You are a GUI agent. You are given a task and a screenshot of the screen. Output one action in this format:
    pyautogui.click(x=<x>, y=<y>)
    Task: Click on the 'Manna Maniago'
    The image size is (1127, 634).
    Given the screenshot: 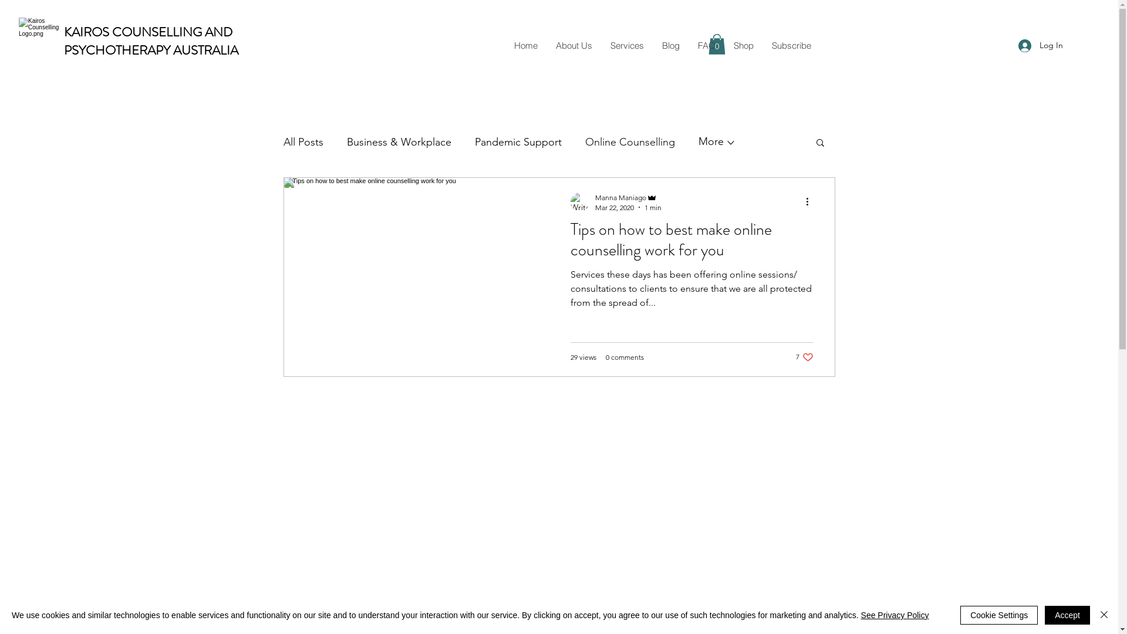 What is the action you would take?
    pyautogui.click(x=627, y=197)
    